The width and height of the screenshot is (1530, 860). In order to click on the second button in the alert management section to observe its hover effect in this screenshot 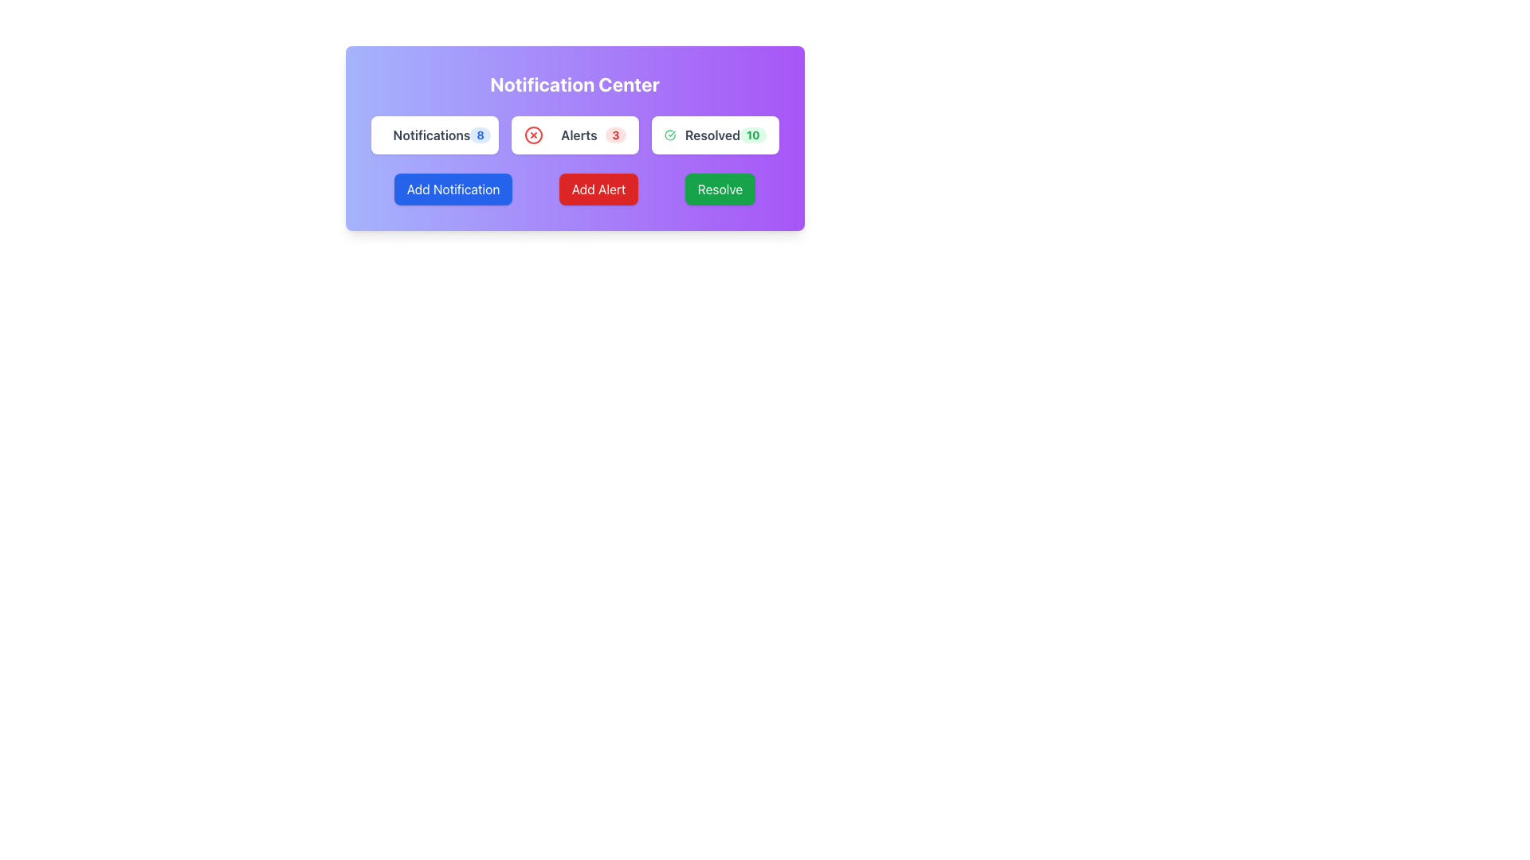, I will do `click(598, 189)`.